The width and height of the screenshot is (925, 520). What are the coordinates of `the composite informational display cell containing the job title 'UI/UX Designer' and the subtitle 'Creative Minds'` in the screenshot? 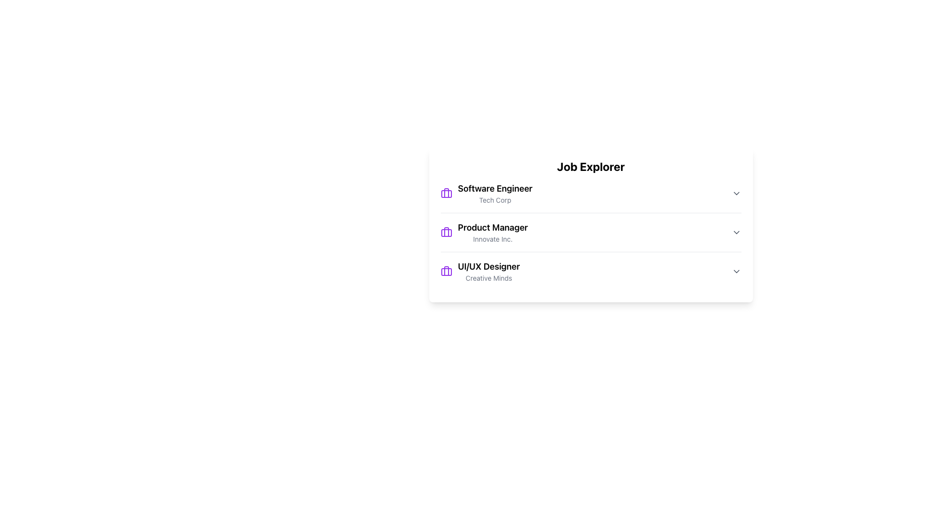 It's located at (480, 271).